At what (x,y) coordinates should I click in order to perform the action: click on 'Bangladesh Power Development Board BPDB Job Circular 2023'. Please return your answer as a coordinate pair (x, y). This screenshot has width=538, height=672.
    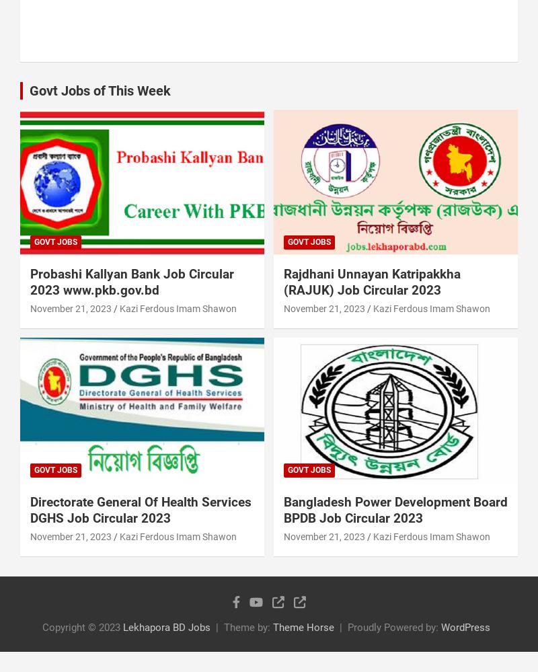
    Looking at the image, I should click on (395, 509).